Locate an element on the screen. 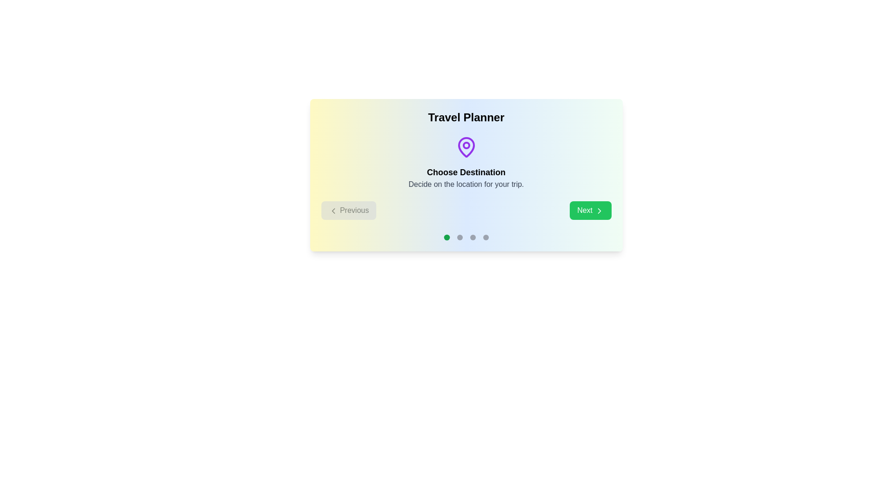 The height and width of the screenshot is (502, 893). the Indicator bar located at the bottom of the 'Travel Planner' card is located at coordinates (466, 237).